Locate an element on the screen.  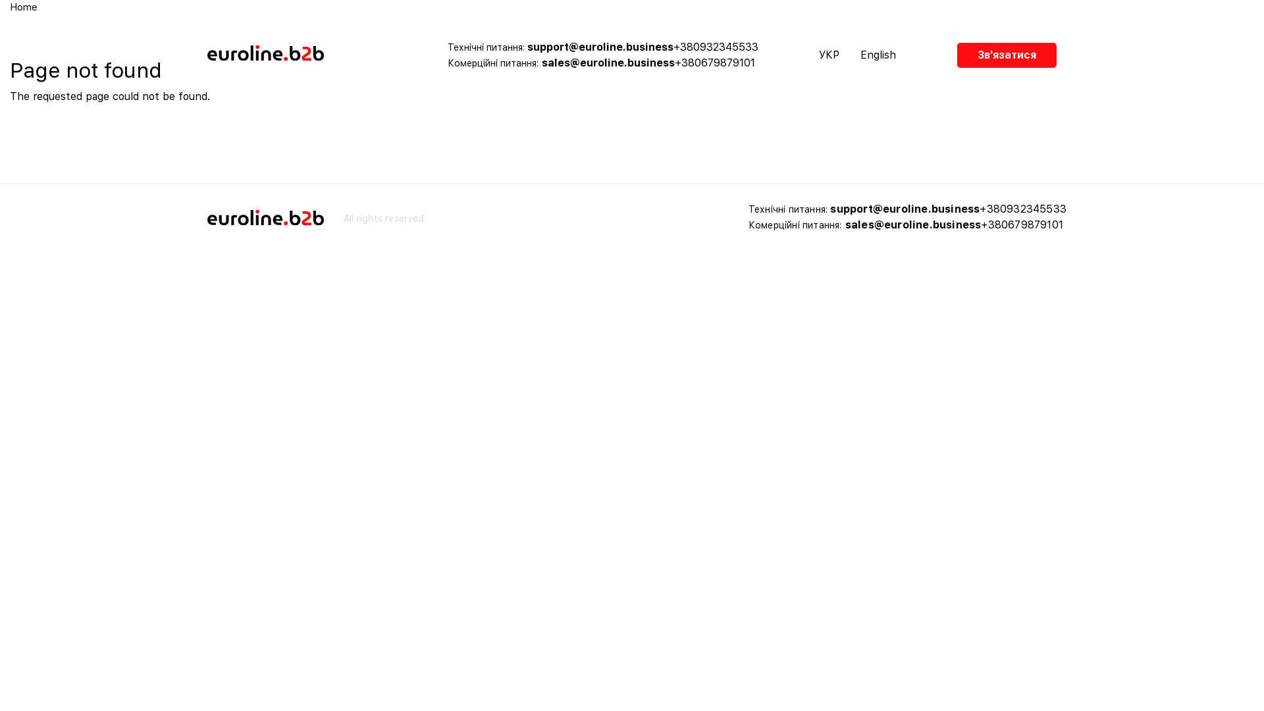
'support@euroline.business' is located at coordinates (904, 208).